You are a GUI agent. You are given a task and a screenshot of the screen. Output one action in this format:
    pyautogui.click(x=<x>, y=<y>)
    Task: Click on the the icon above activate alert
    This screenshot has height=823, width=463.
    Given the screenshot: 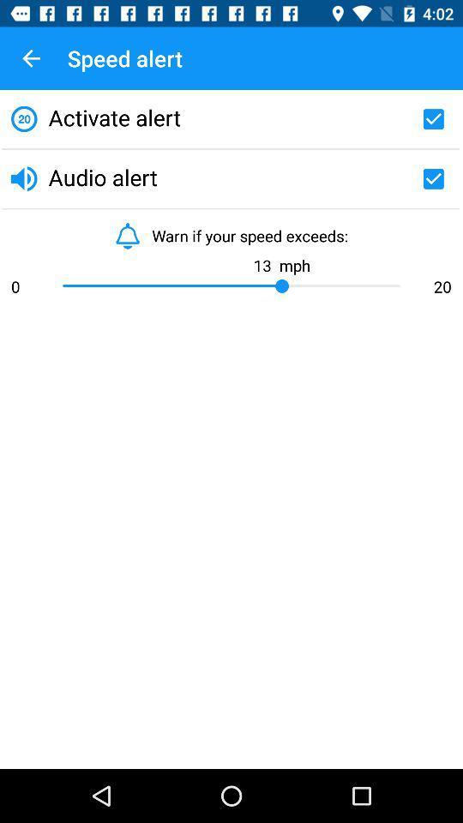 What is the action you would take?
    pyautogui.click(x=31, y=58)
    